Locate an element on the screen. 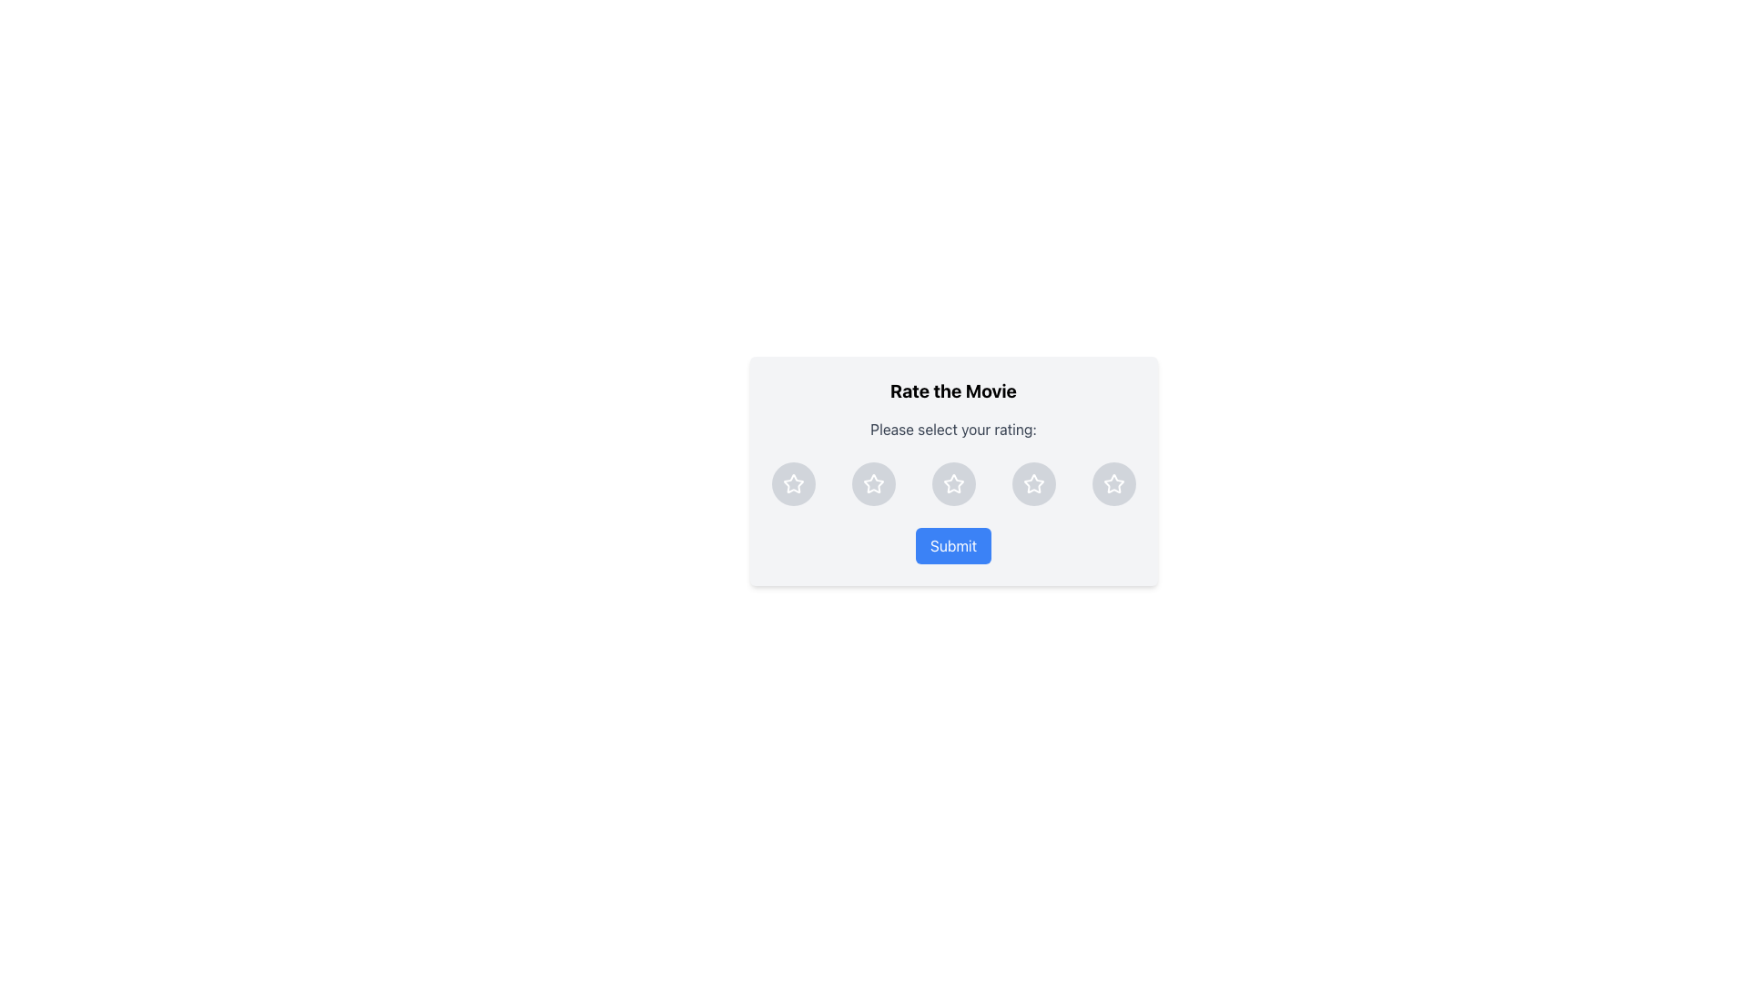  the highlighted third circular gray button with a white star icon, which is part of a group of five buttons arranged horizontally is located at coordinates (952, 483).